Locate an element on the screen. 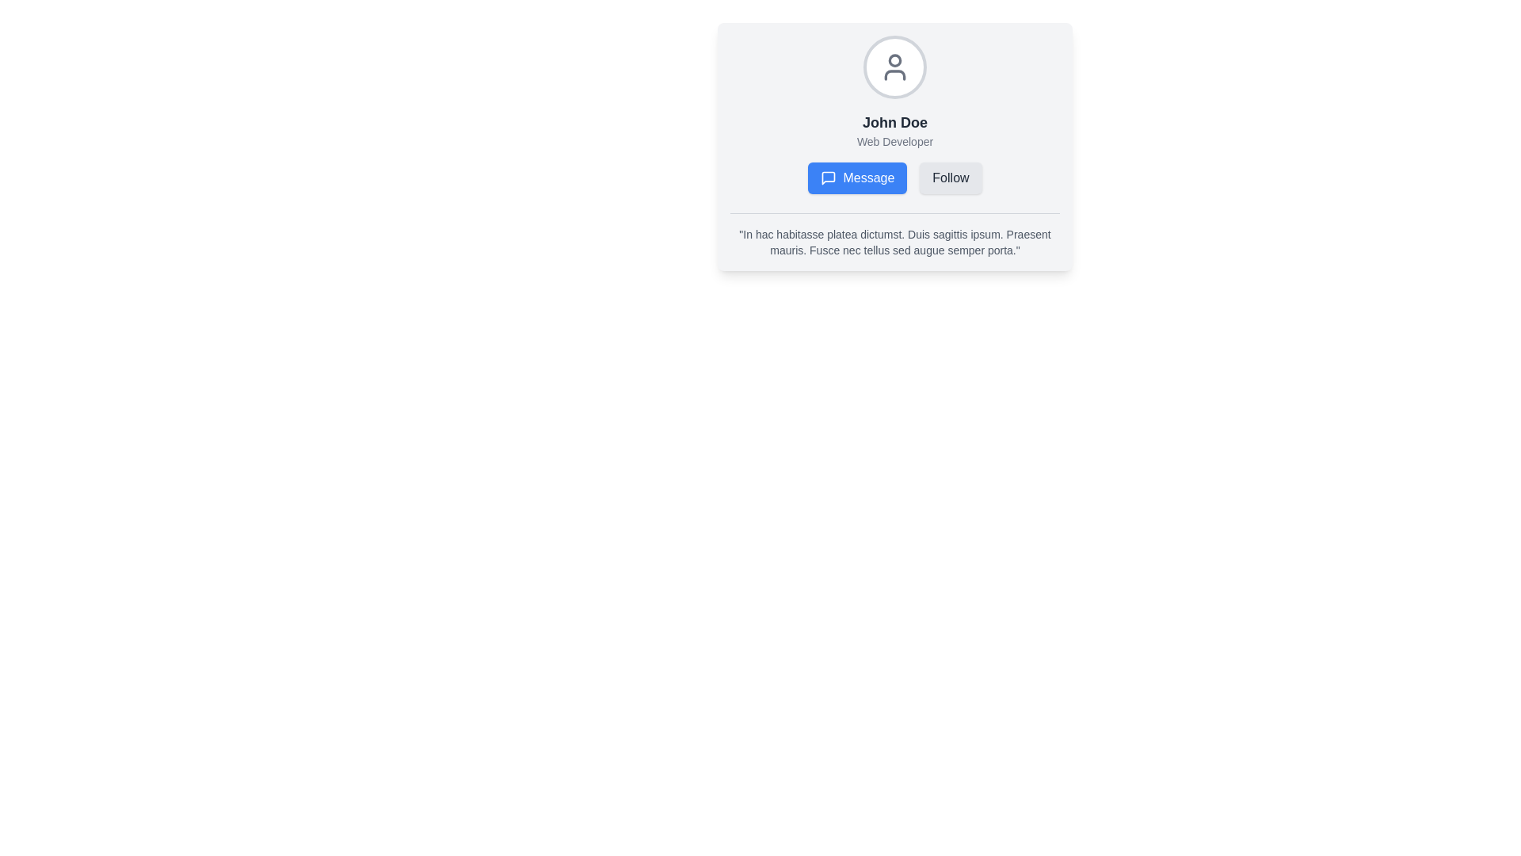 The image size is (1521, 856). the Static Text indicating the profession of the individual, which is located beneath 'John Doe' and above the 'Message' and 'Follow' buttons is located at coordinates (894, 140).